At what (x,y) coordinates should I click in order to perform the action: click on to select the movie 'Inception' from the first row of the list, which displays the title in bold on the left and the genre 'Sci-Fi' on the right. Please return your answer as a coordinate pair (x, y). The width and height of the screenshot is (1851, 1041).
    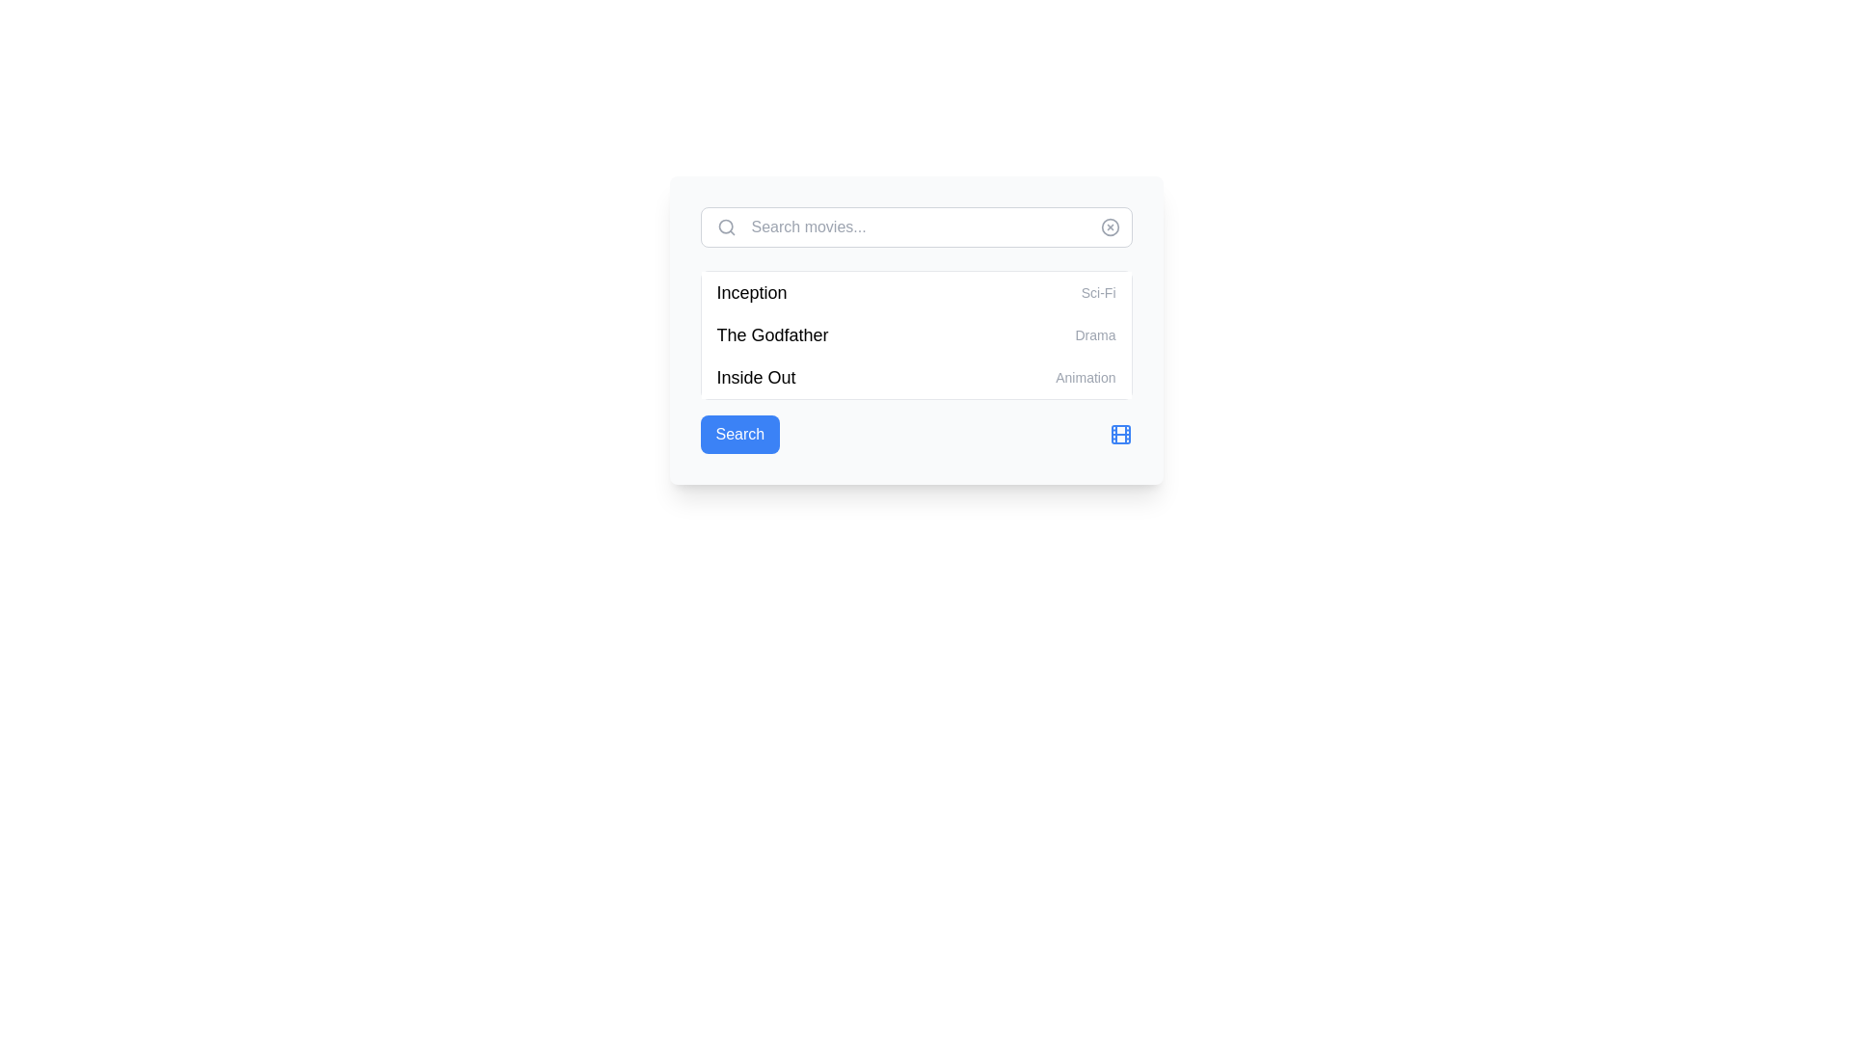
    Looking at the image, I should click on (915, 293).